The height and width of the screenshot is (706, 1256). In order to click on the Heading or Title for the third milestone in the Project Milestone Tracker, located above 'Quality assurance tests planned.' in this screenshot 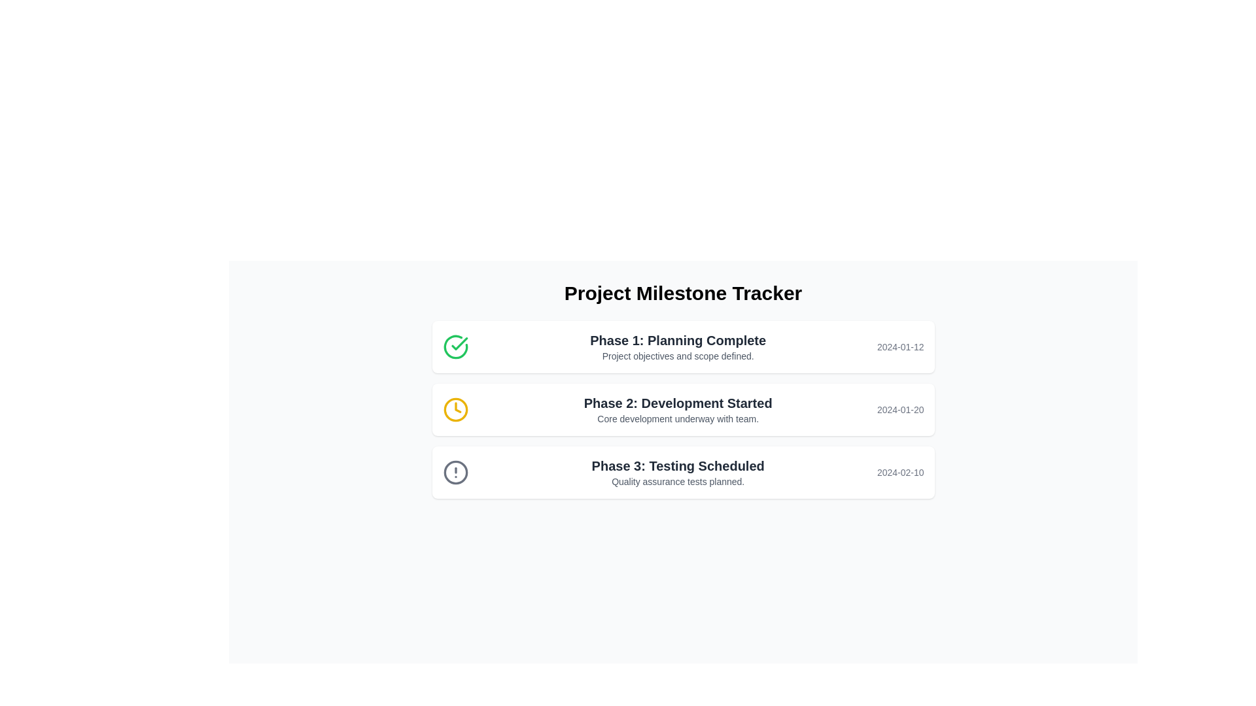, I will do `click(678, 465)`.